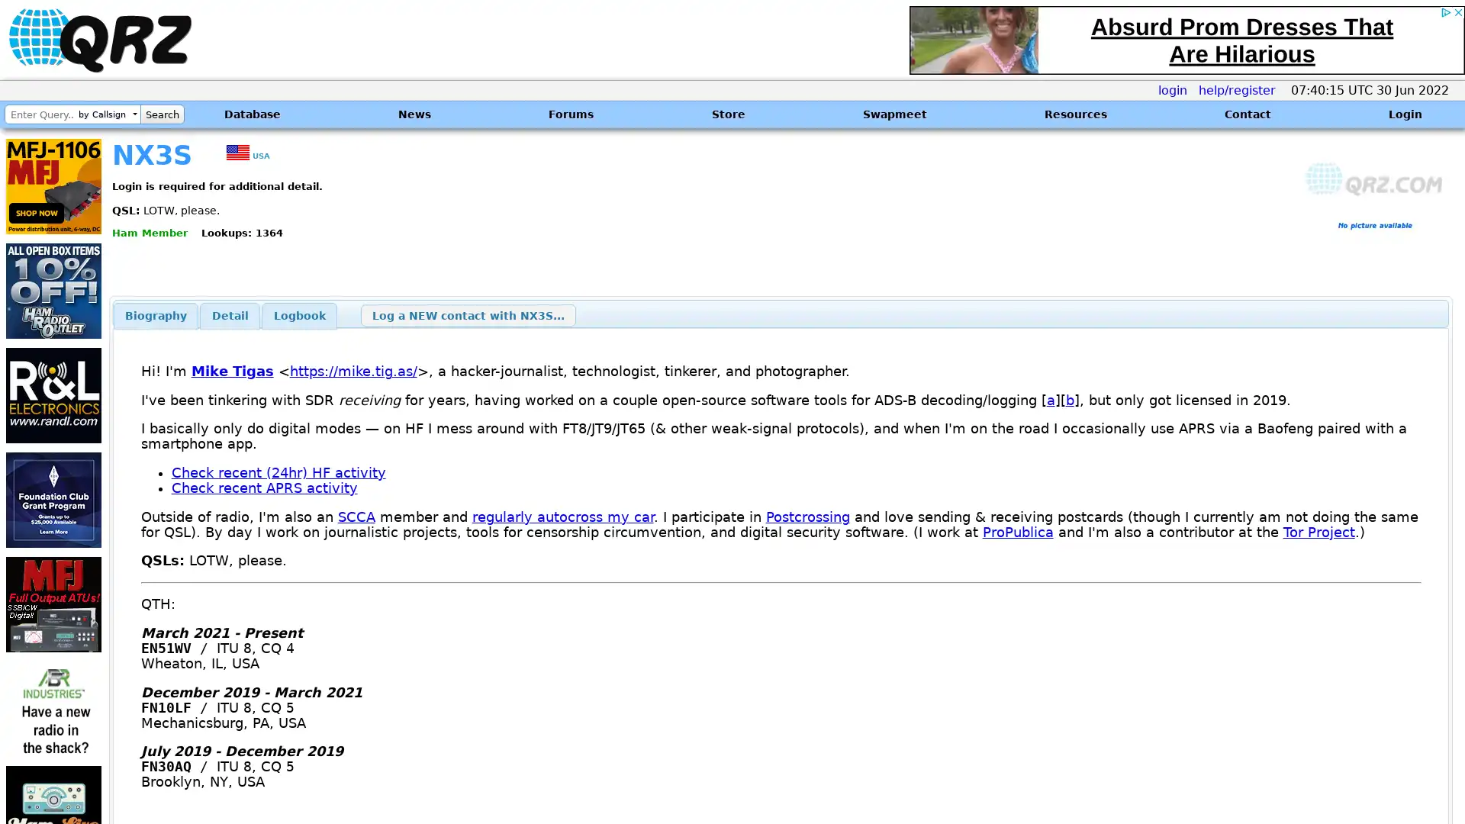 The image size is (1465, 824). Describe the element at coordinates (467, 314) in the screenshot. I see `Log a NEW contact with NX3S...` at that location.